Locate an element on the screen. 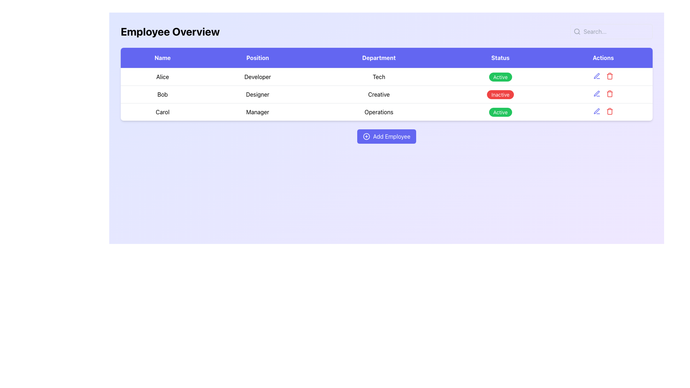  the editing icon button located in the 'Actions' column of the third row is located at coordinates (597, 93).